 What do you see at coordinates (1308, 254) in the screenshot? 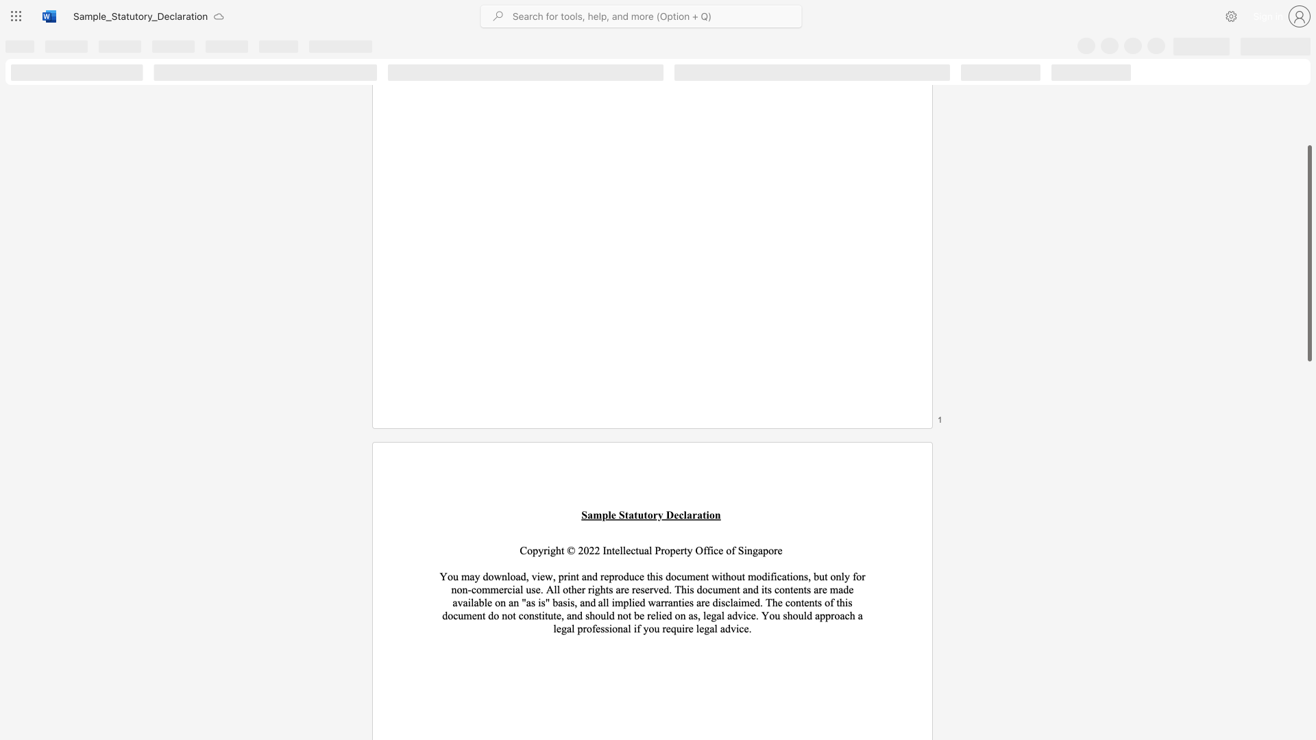
I see `the scrollbar and move down 1040 pixels` at bounding box center [1308, 254].